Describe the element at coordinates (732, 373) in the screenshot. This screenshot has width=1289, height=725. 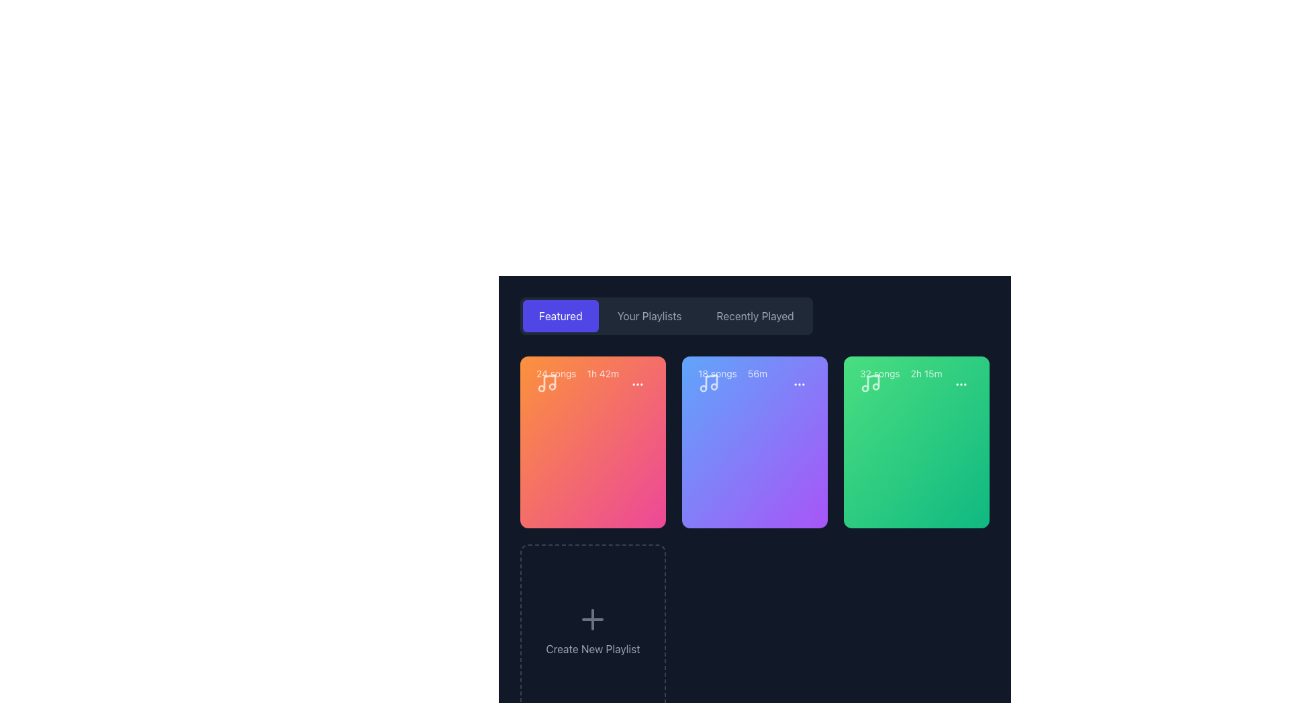
I see `the static text information displaying '18 songs' and '56m' located at the bottom of the second card in a row of three cards` at that location.